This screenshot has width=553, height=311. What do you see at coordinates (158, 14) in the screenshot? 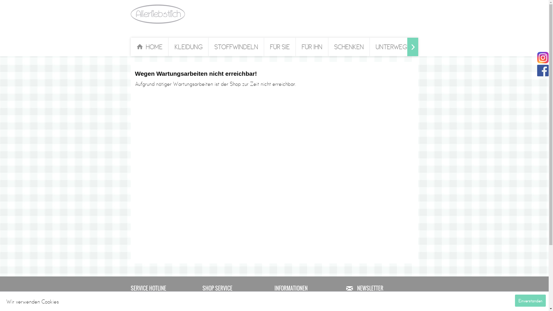
I see `'Allerliebstlich.ch - zur Startseite wechseln'` at bounding box center [158, 14].